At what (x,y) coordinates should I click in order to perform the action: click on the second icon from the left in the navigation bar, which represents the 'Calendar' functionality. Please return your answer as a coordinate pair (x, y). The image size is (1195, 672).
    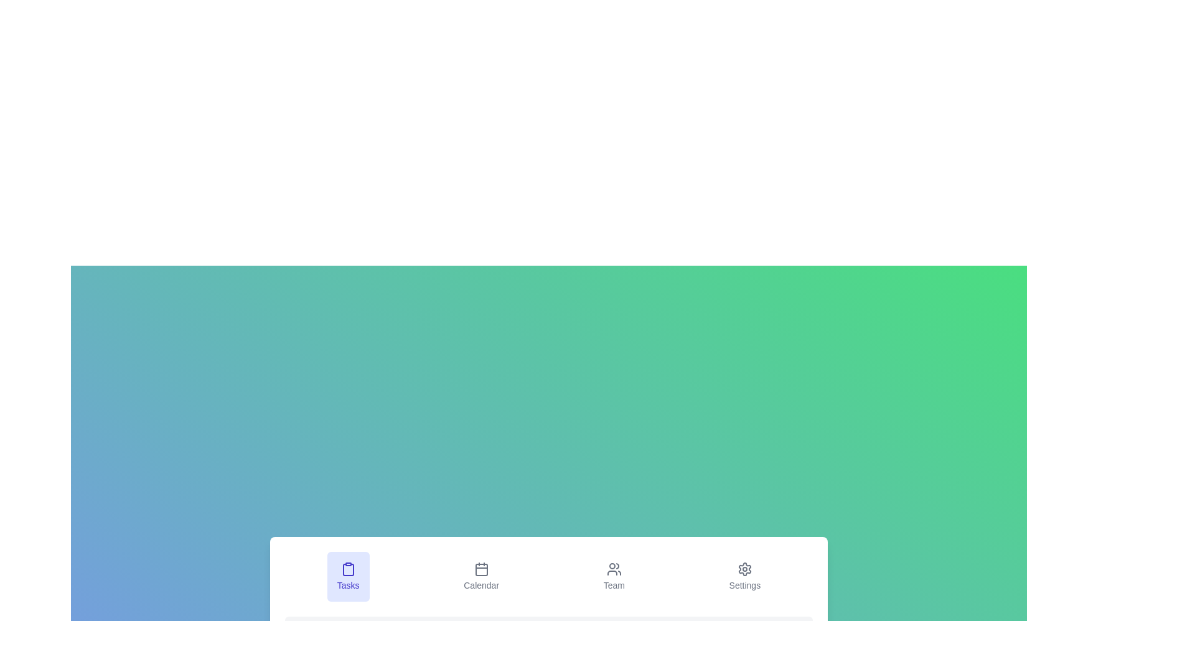
    Looking at the image, I should click on (480, 569).